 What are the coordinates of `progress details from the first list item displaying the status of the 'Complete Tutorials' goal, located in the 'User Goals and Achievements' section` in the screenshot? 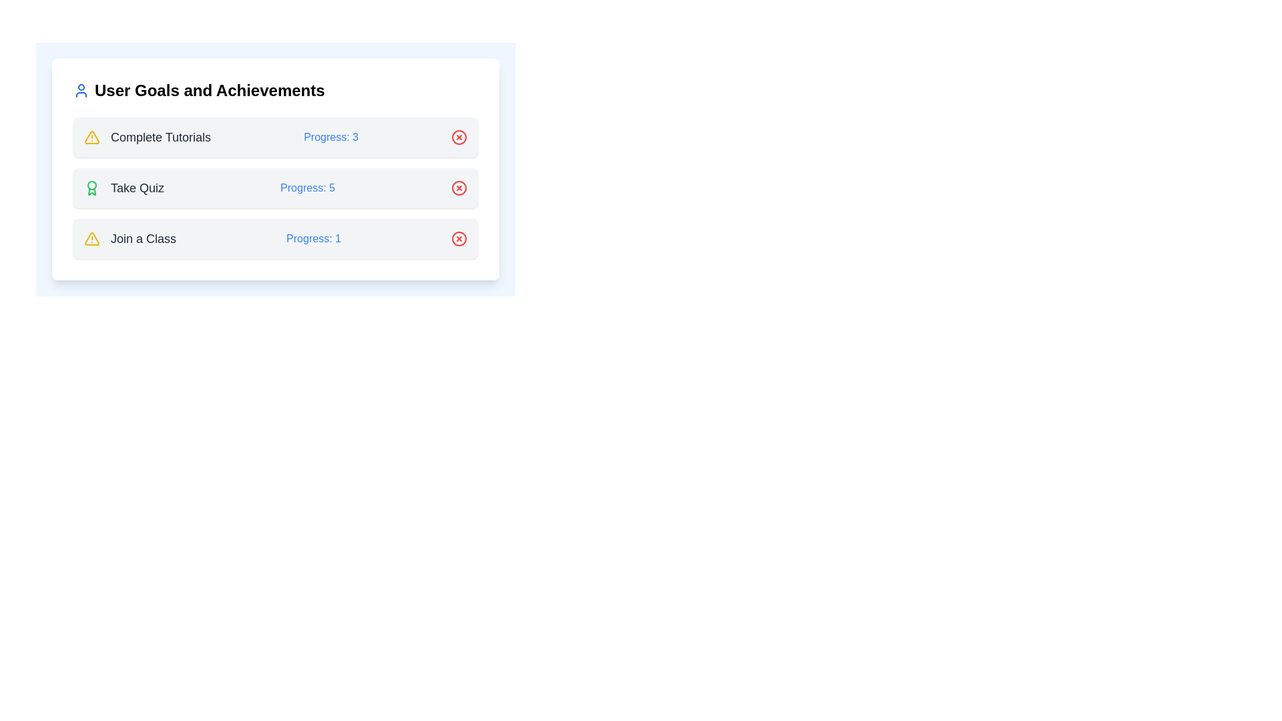 It's located at (274, 137).